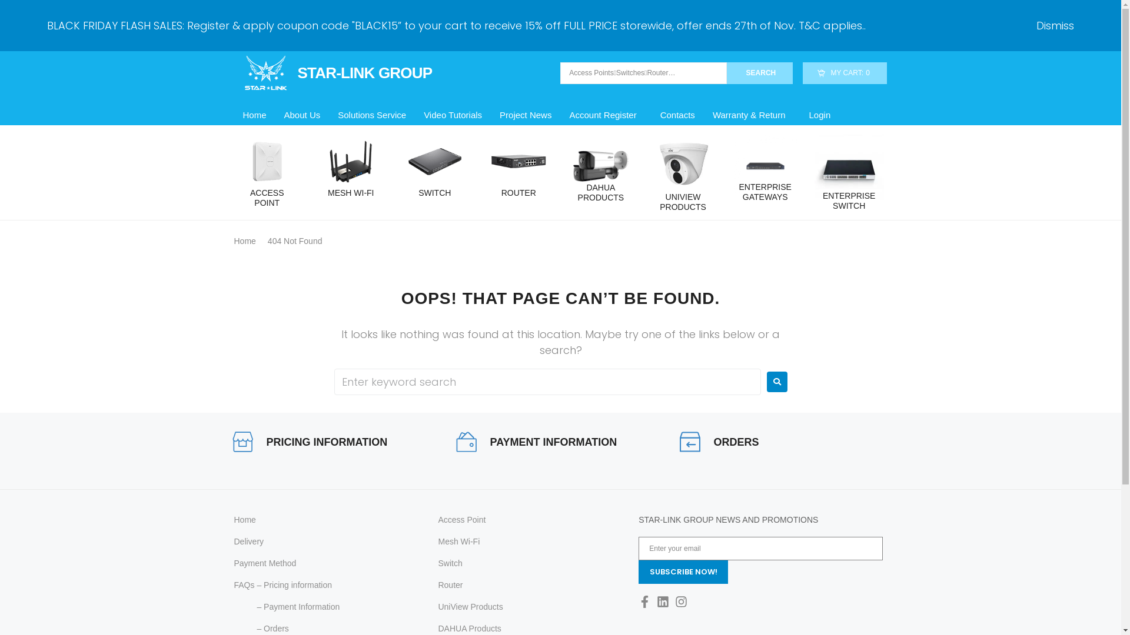  What do you see at coordinates (434, 192) in the screenshot?
I see `'SWITCH'` at bounding box center [434, 192].